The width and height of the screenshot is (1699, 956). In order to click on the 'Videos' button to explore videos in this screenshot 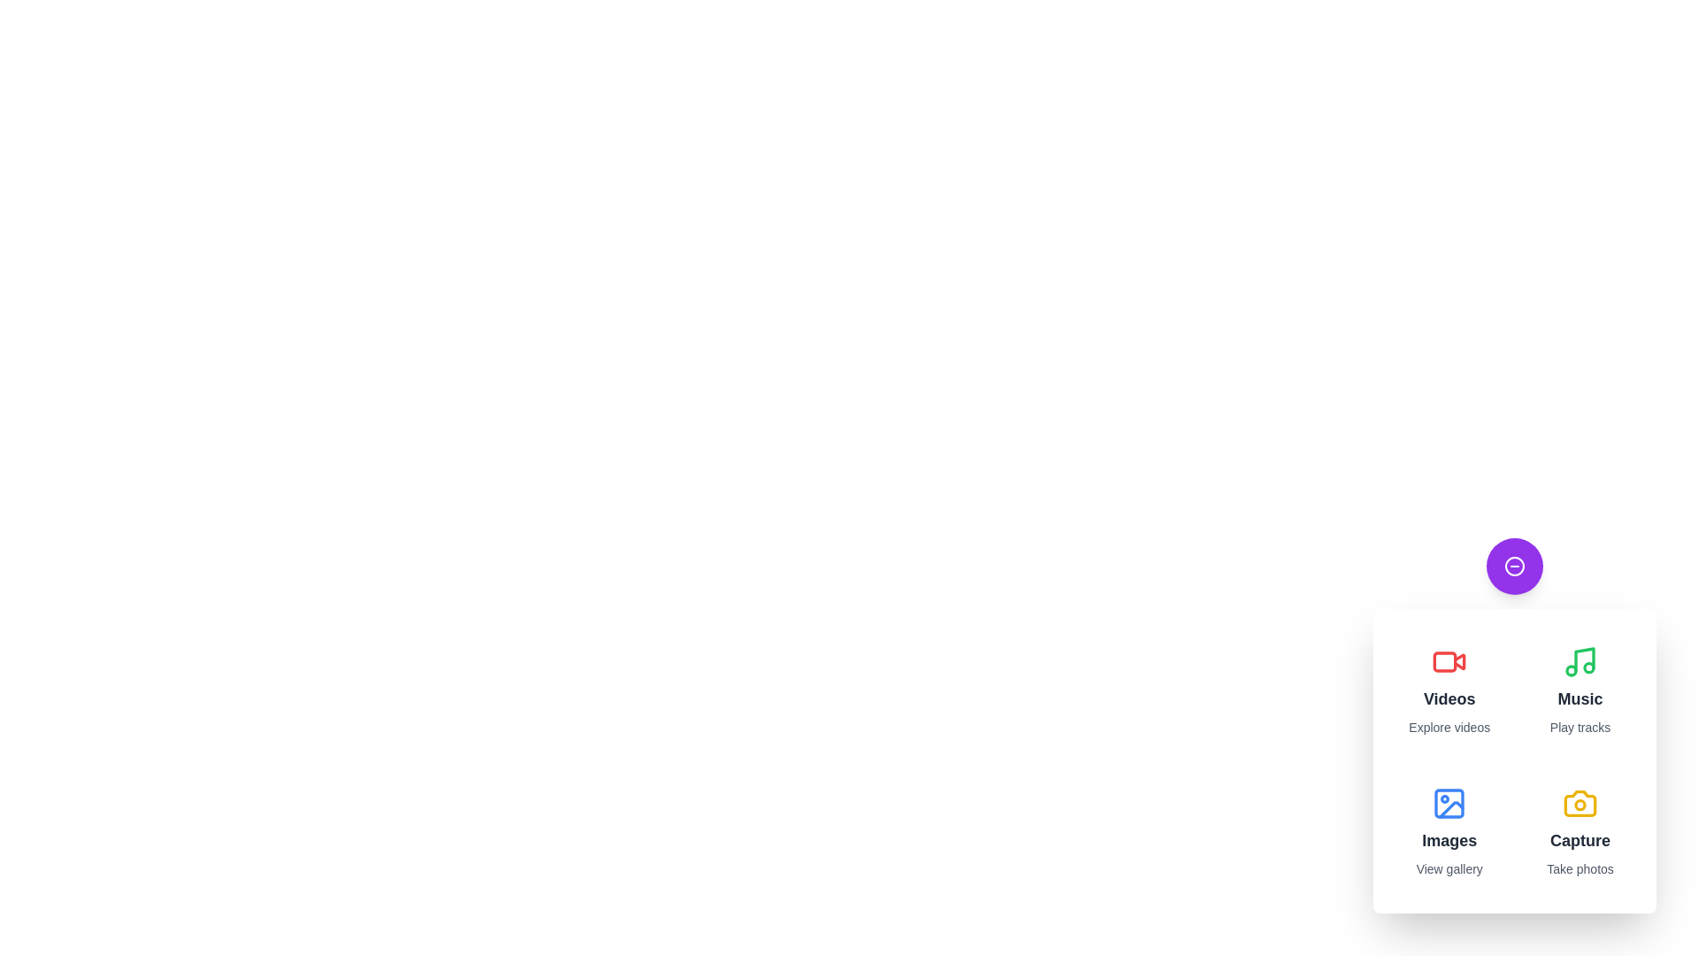, I will do `click(1449, 689)`.